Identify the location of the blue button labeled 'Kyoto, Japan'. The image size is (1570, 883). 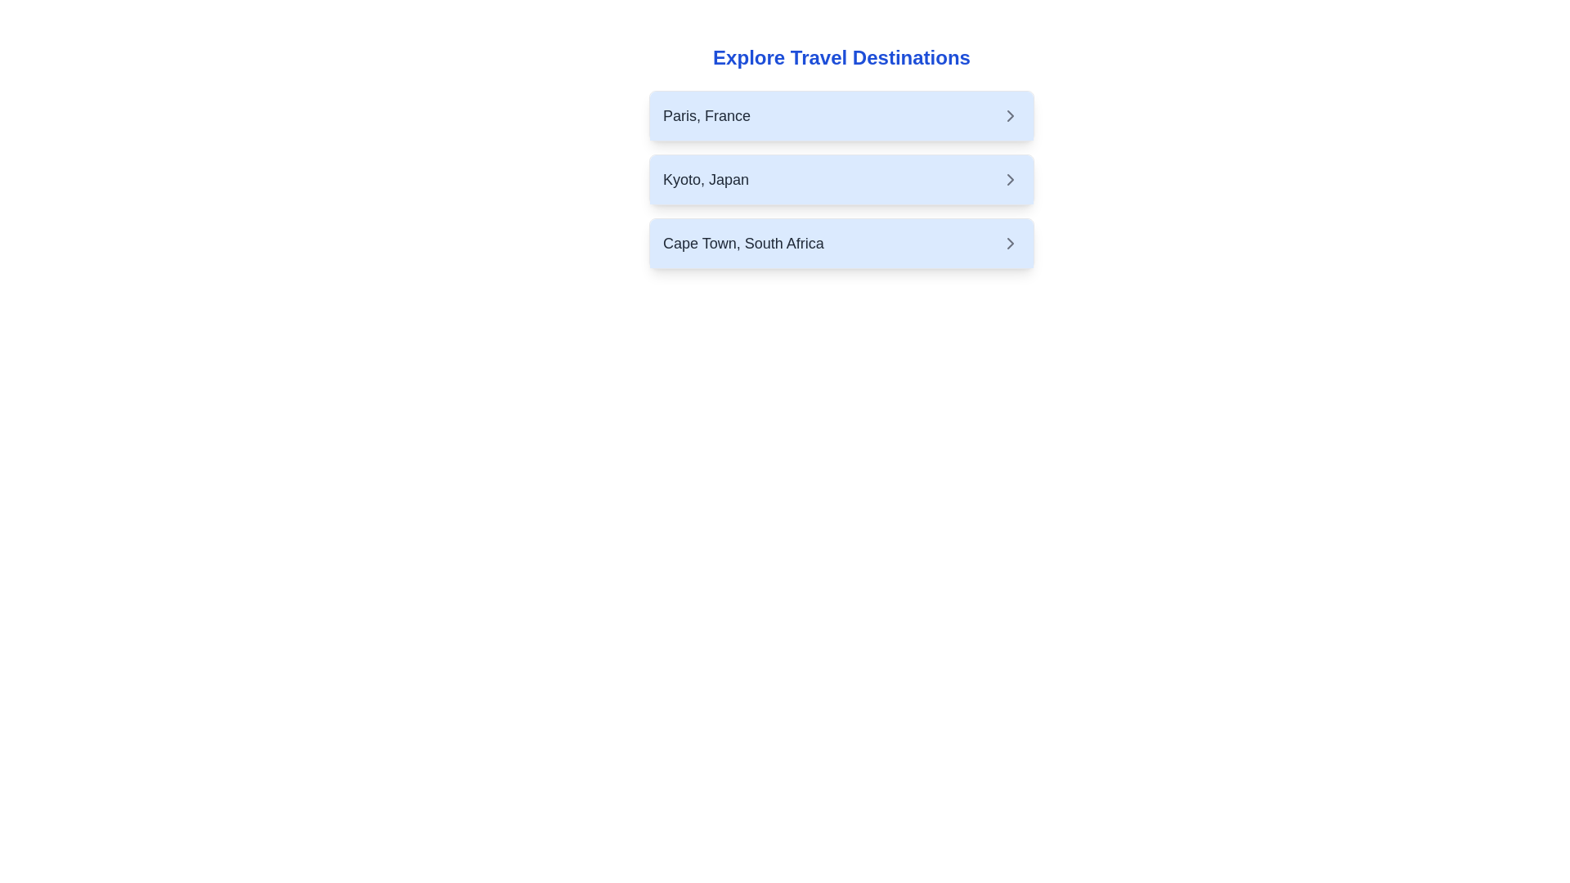
(841, 164).